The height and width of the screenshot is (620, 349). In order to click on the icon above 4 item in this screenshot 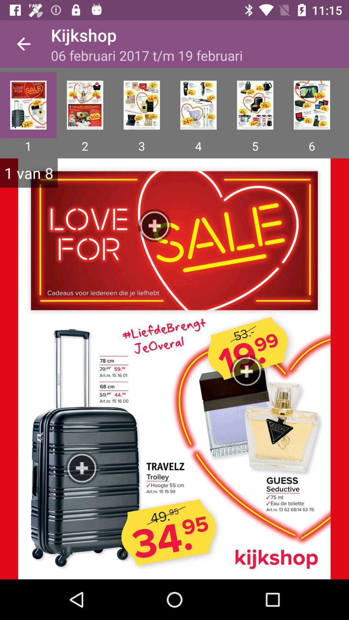, I will do `click(198, 105)`.